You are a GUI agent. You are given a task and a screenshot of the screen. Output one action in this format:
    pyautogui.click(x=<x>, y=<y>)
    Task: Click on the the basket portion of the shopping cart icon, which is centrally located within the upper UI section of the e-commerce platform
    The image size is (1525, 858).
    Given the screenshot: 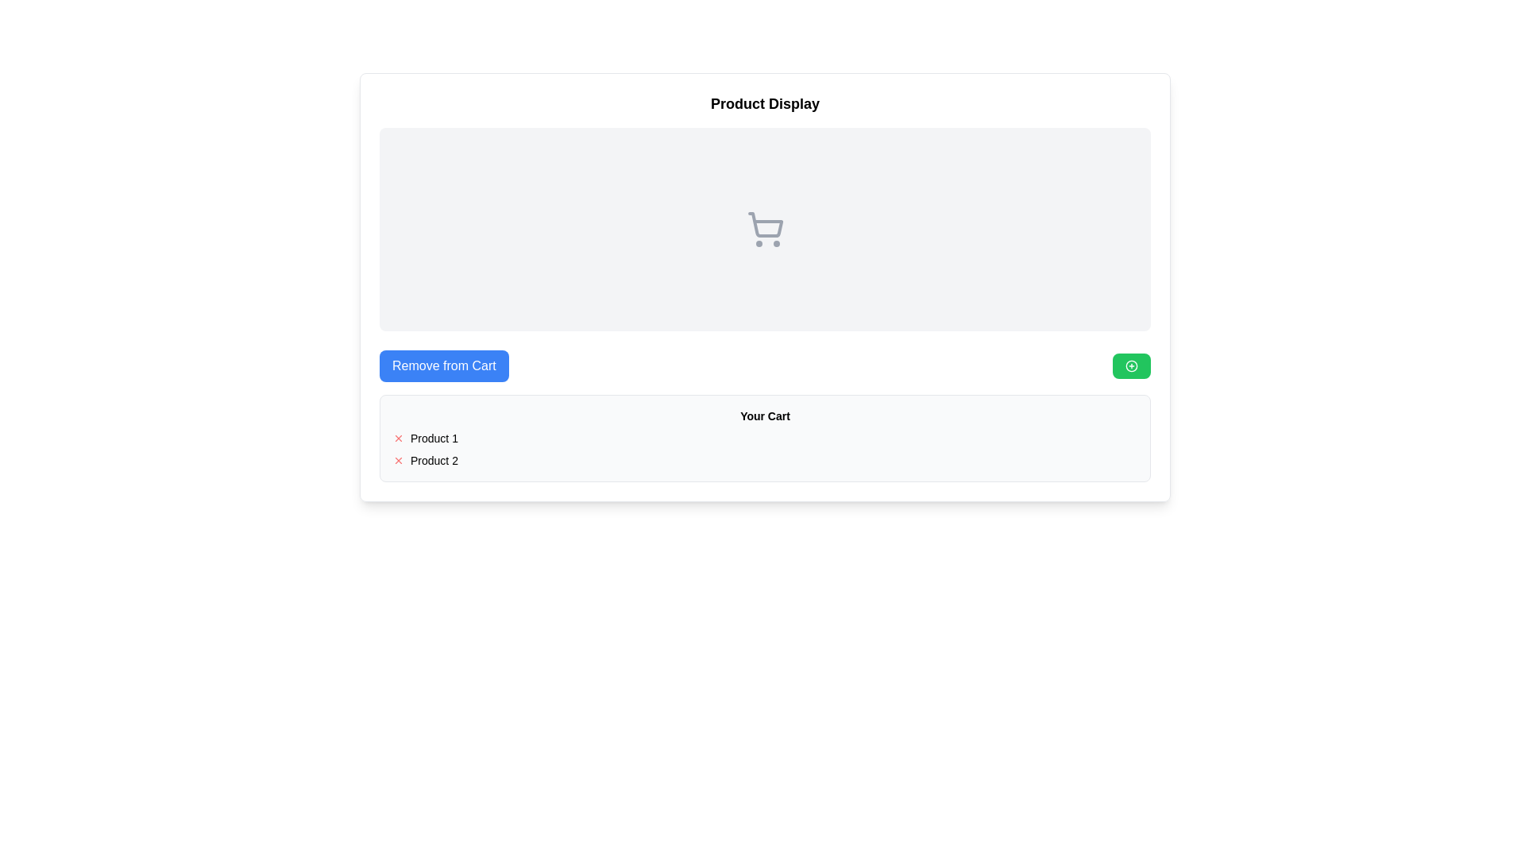 What is the action you would take?
    pyautogui.click(x=765, y=225)
    